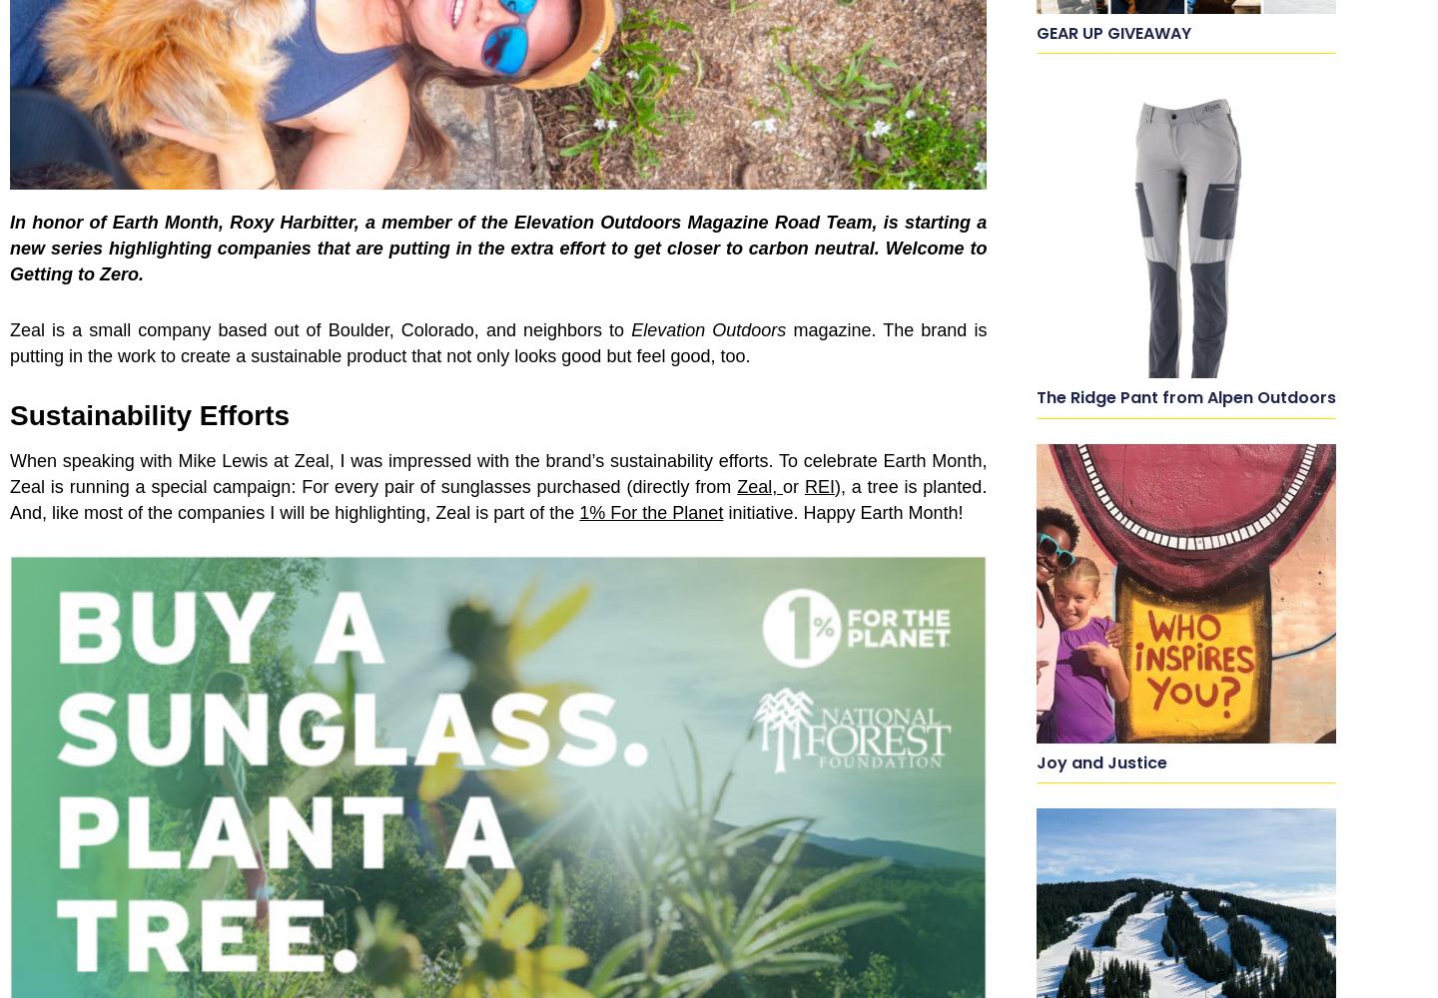 The width and height of the screenshot is (1438, 998). Describe the element at coordinates (818, 486) in the screenshot. I see `'REI'` at that location.